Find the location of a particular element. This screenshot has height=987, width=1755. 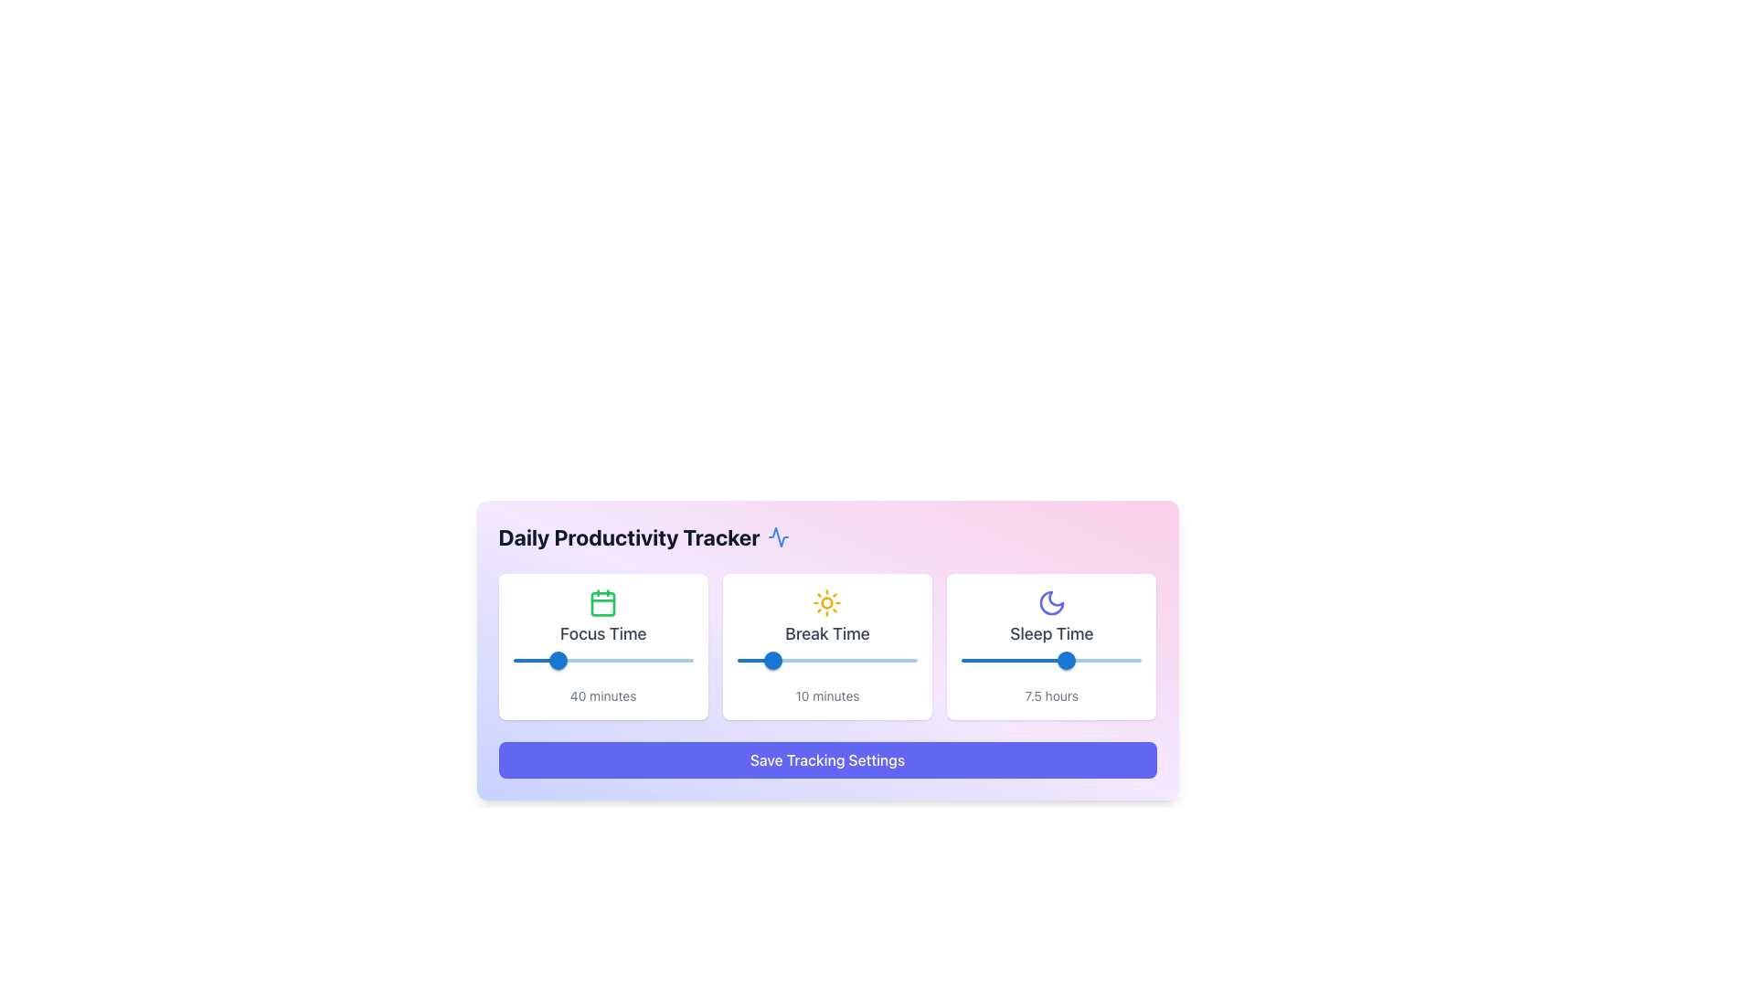

break time is located at coordinates (824, 660).